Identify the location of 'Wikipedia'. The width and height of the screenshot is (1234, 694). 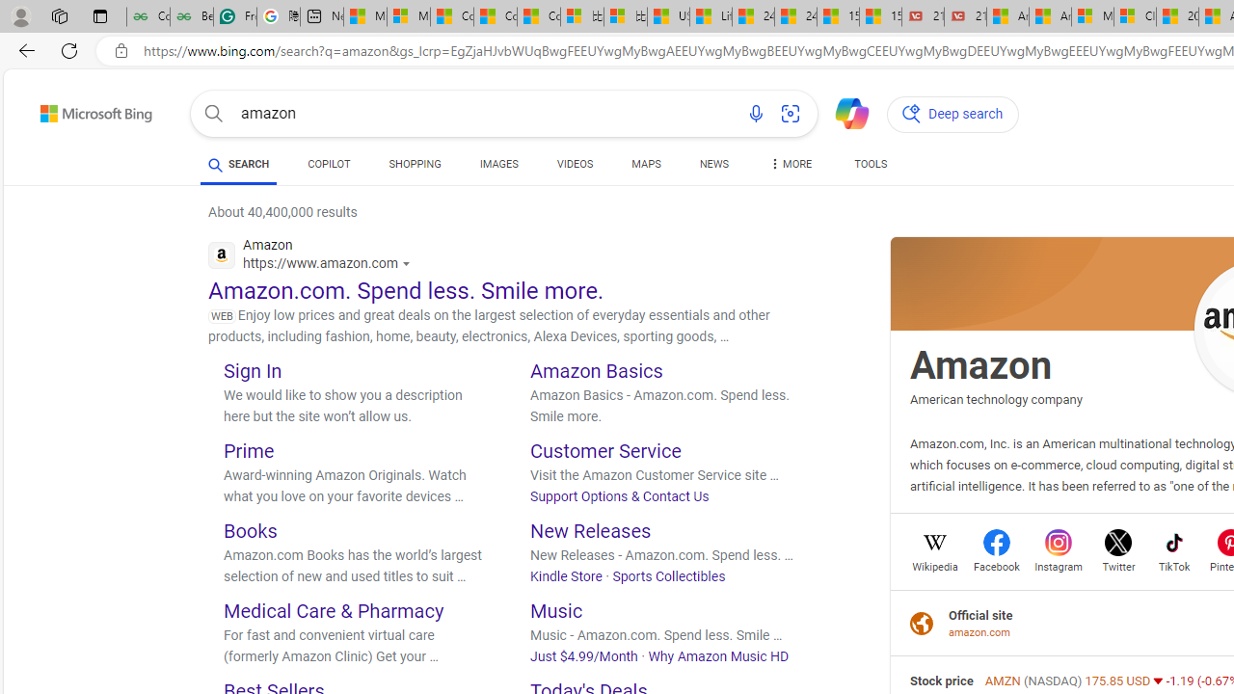
(935, 564).